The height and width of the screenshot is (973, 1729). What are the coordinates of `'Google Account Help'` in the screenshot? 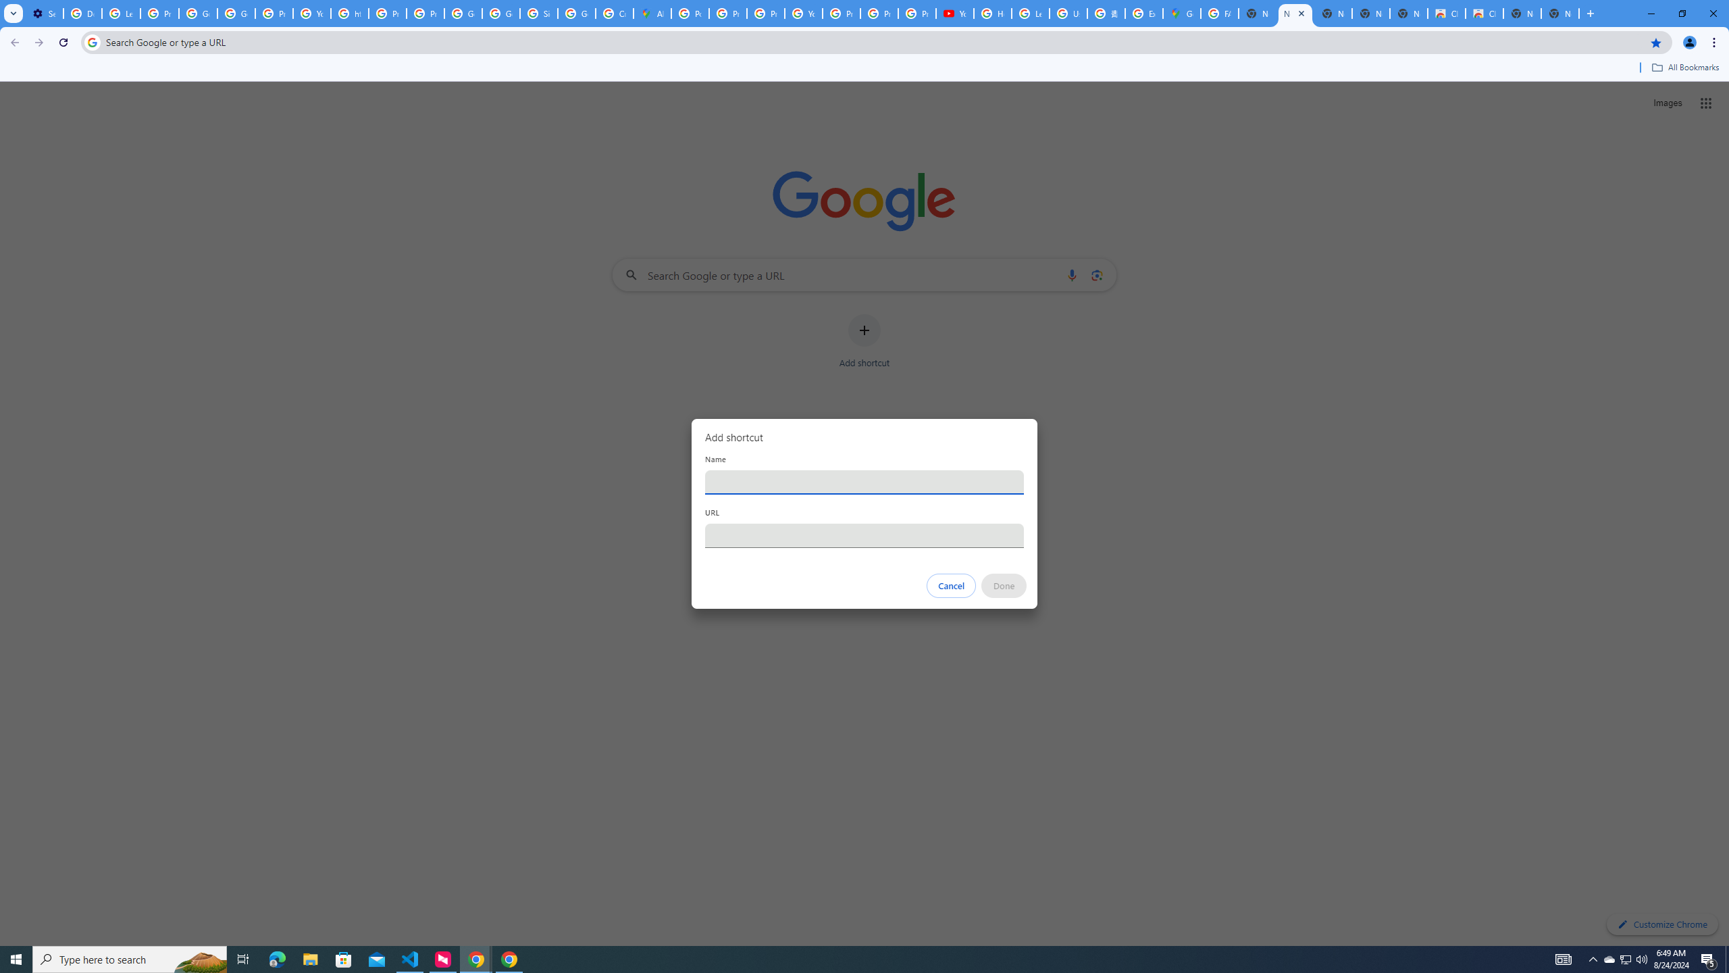 It's located at (235, 13).